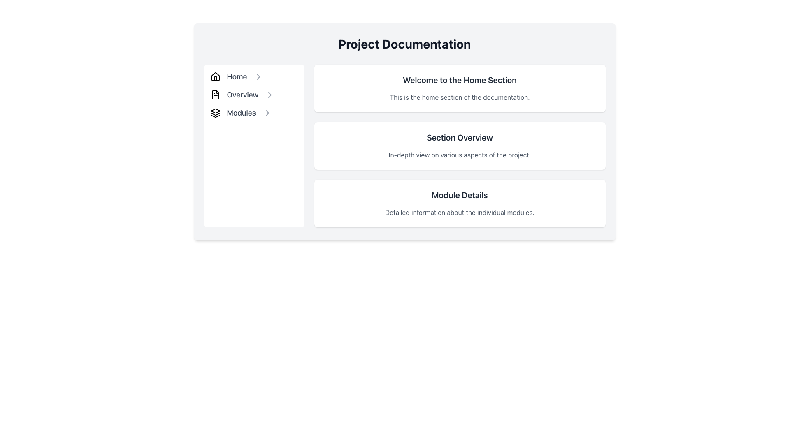 Image resolution: width=790 pixels, height=444 pixels. Describe the element at coordinates (404, 44) in the screenshot. I see `the large, bold, center-aligned heading text reading 'Project Documentation'` at that location.